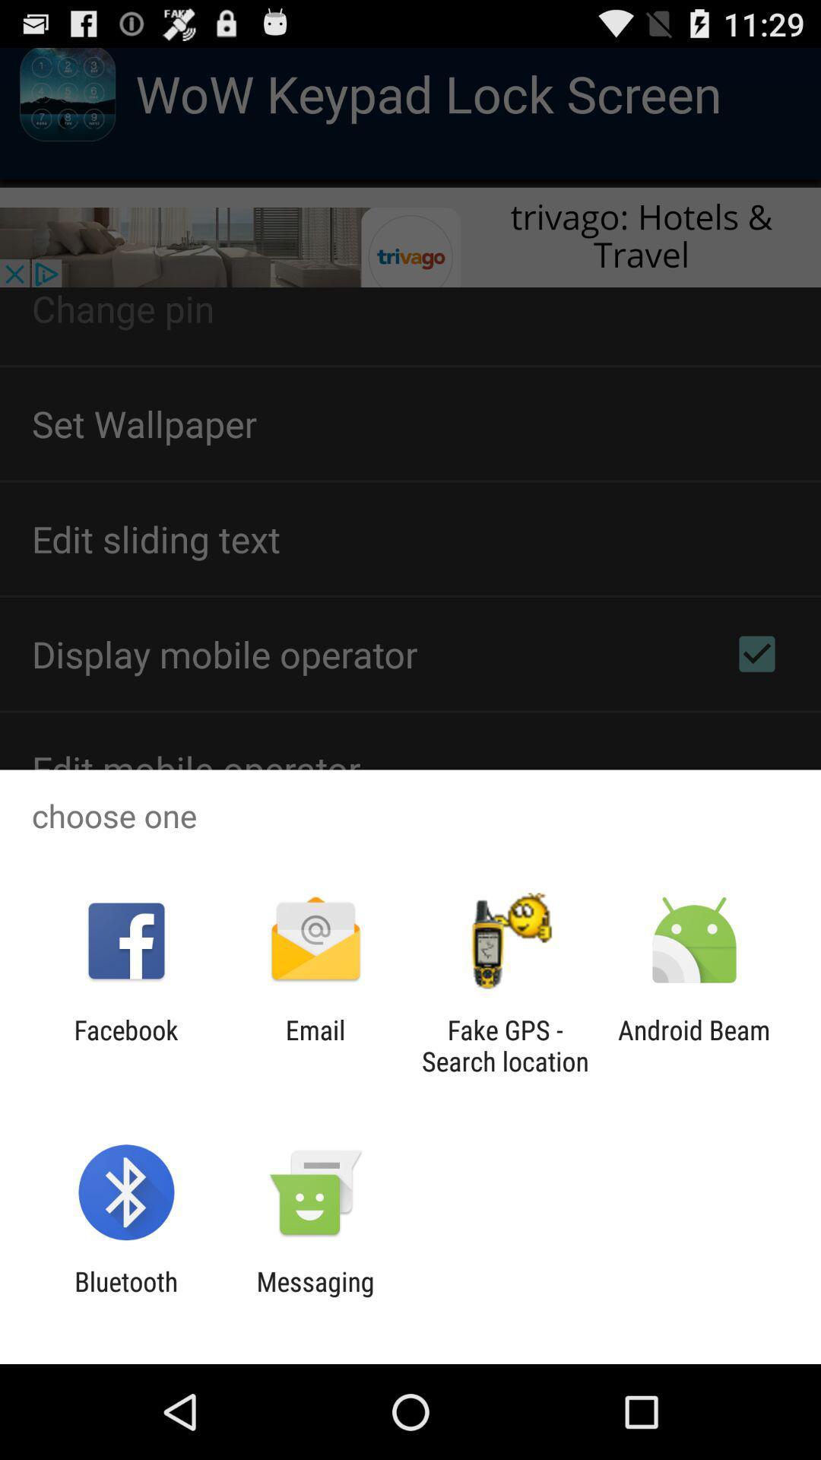  What do you see at coordinates (125, 1297) in the screenshot?
I see `the app to the left of messaging item` at bounding box center [125, 1297].